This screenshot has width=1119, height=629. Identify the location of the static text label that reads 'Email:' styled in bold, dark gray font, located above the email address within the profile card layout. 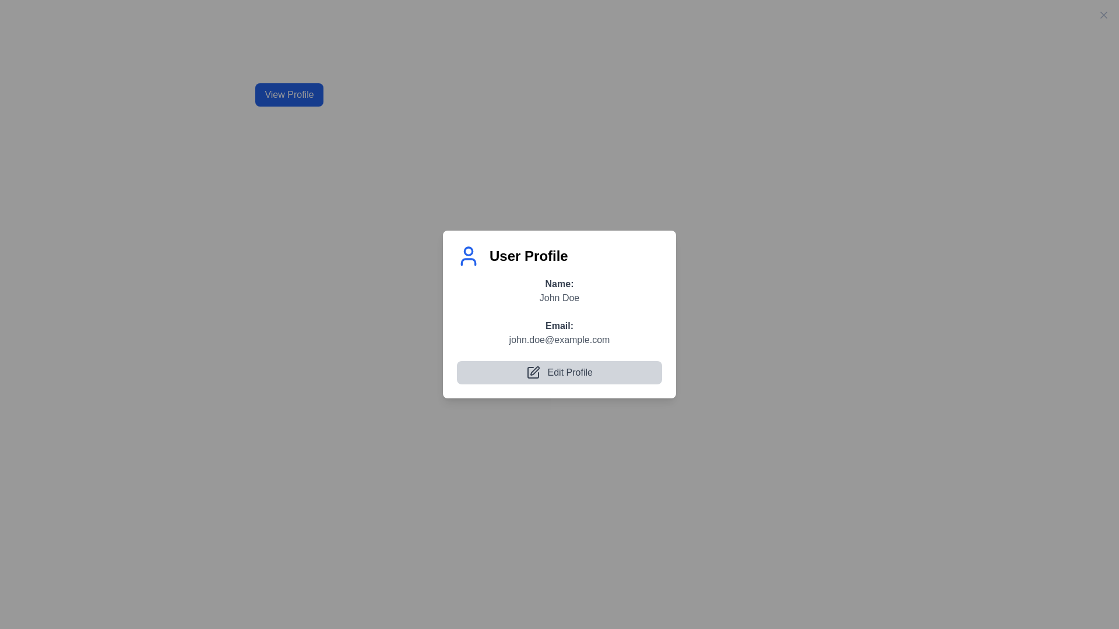
(559, 326).